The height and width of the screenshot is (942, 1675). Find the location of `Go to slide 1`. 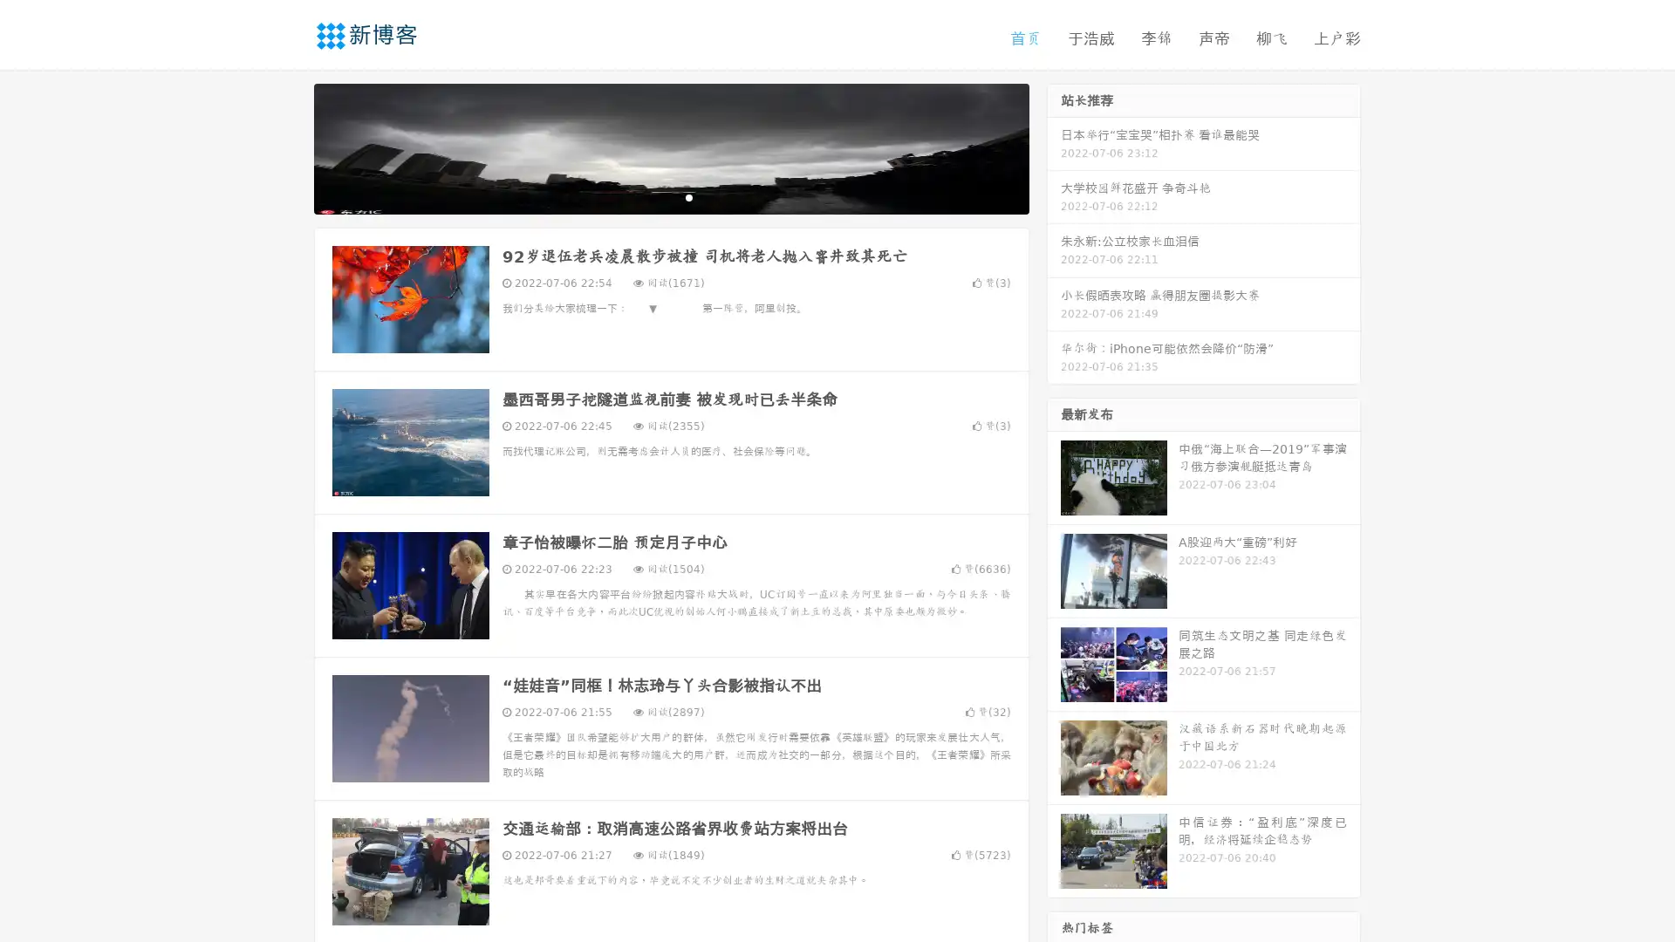

Go to slide 1 is located at coordinates (653, 196).